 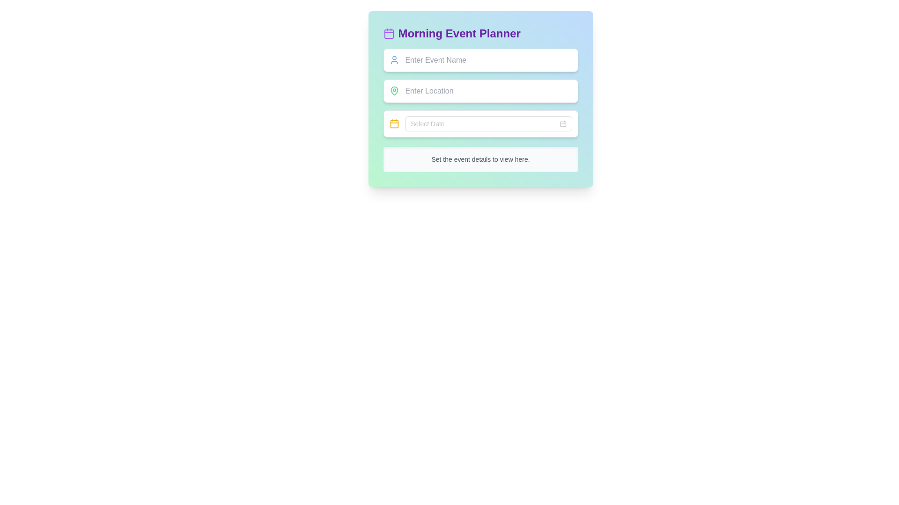 I want to click on the location pin icon that is part of the 'Enter Location' input field, located to the left of the text area, so click(x=394, y=91).